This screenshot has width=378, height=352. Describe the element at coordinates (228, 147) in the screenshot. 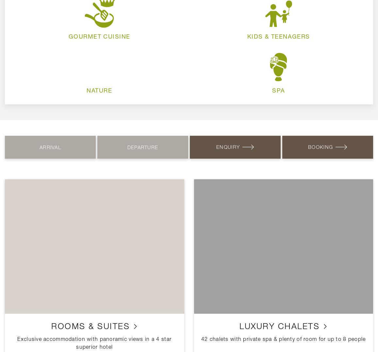

I see `'Enquiry'` at that location.